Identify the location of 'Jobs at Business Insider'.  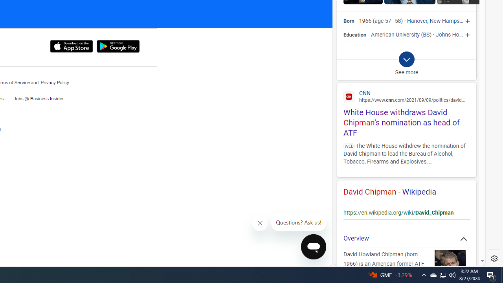
(37, 98).